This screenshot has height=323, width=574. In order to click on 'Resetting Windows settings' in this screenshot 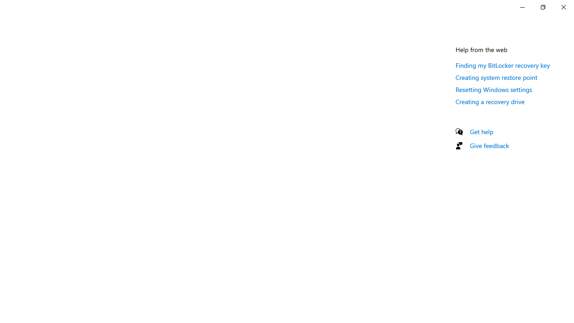, I will do `click(493, 89)`.